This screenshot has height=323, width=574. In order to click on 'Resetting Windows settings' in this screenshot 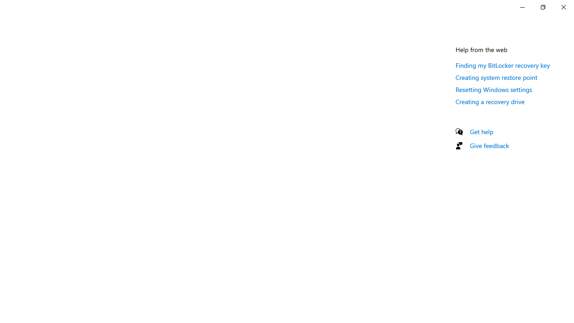, I will do `click(493, 89)`.